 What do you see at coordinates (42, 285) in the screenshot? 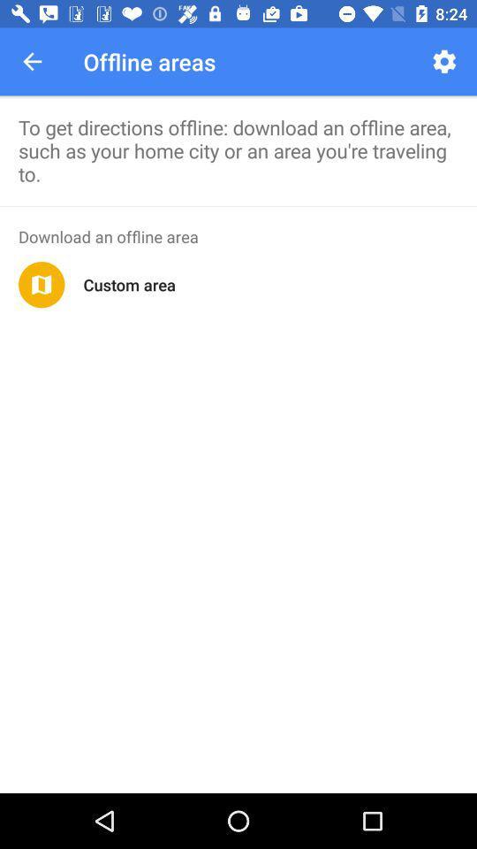
I see `the item next to custom area` at bounding box center [42, 285].